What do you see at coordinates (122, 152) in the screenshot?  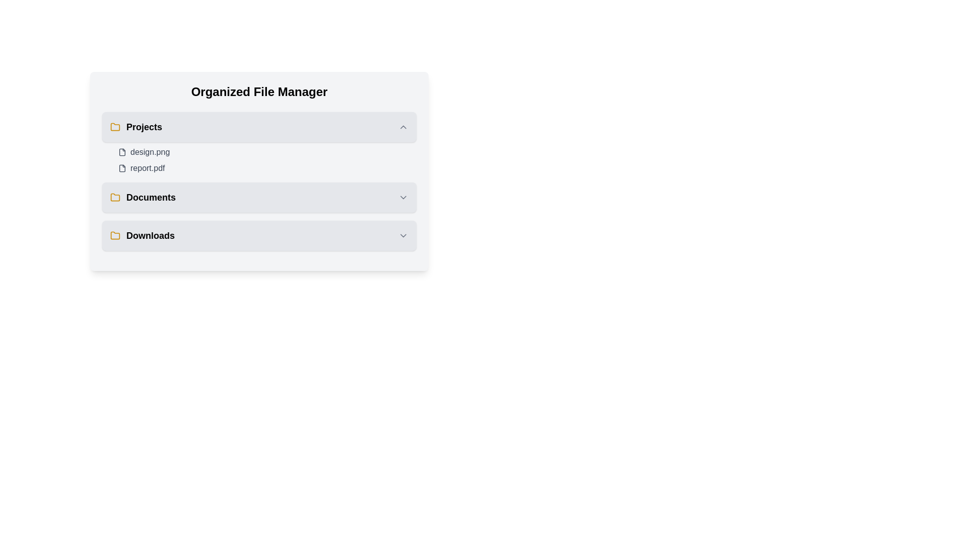 I see `the file 'design.png' within the 'Projects' folder` at bounding box center [122, 152].